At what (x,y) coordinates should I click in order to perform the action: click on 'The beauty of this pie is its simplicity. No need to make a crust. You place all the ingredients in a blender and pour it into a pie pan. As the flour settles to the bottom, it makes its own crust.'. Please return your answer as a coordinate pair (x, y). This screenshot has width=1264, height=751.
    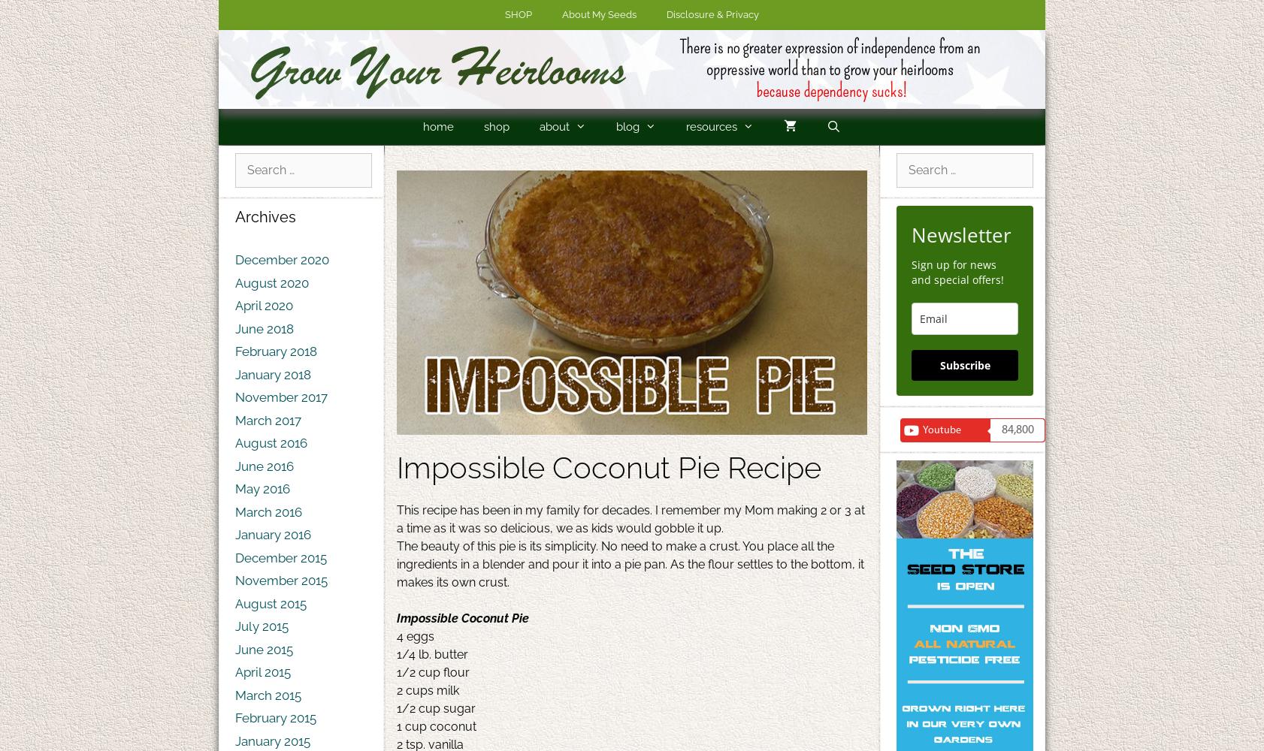
    Looking at the image, I should click on (396, 564).